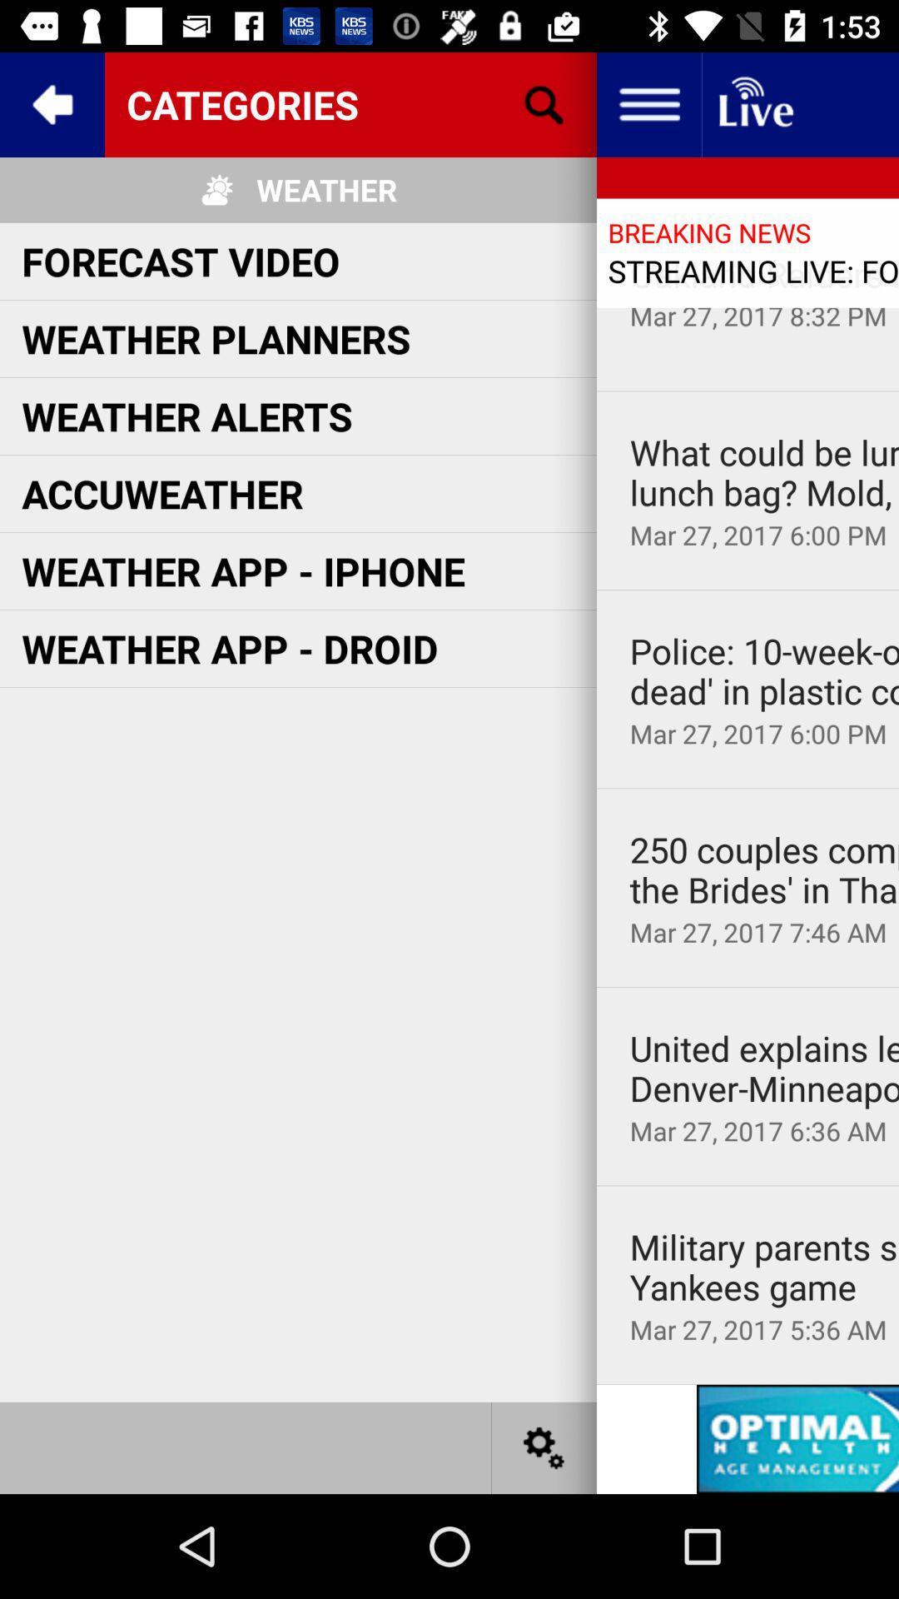 The image size is (899, 1599). Describe the element at coordinates (764, 869) in the screenshot. I see `250 couples compete icon` at that location.